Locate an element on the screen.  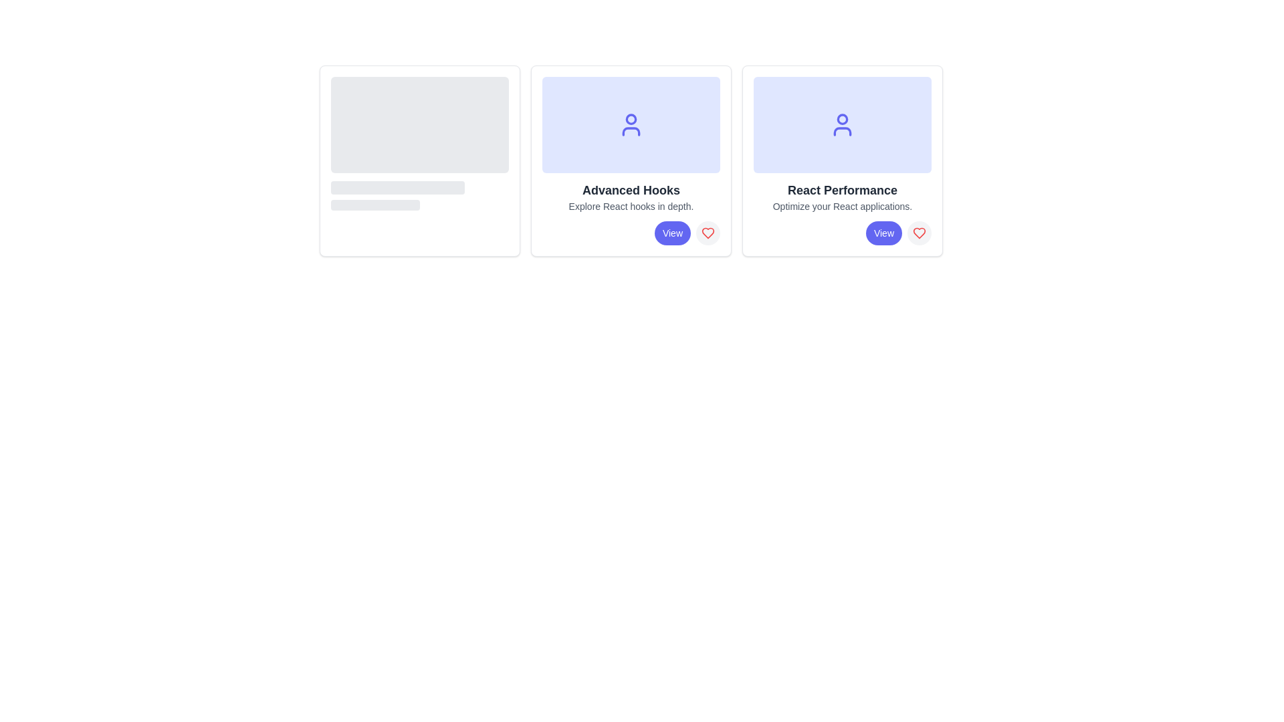
the 'View' button, which is a rounded rectangular button with an indigo background and white text, located at the bottom right of a card displaying 'React Performance' is located at coordinates (883, 232).